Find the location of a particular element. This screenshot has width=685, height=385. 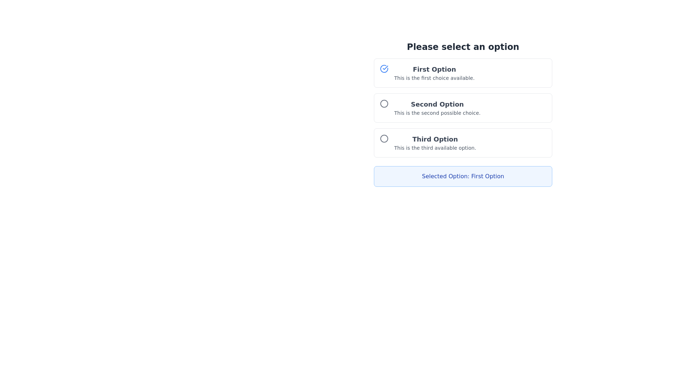

descriptive text label that provides additional context for the 'First Option' selection, positioned beneath the 'First Option' title in the vertical list of grouped options is located at coordinates (434, 78).